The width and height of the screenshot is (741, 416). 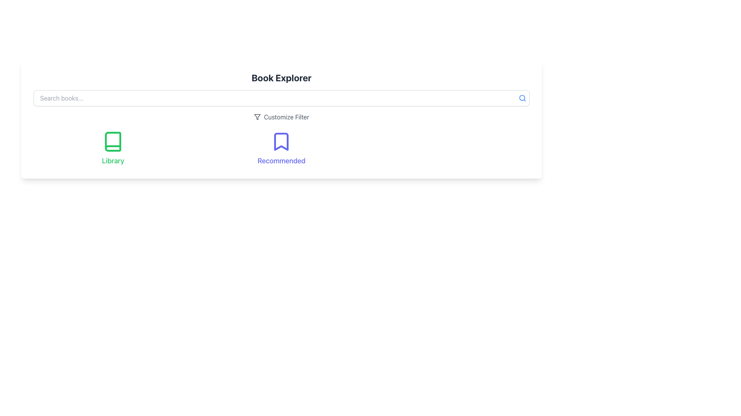 I want to click on the 'Customize Filter' button surrounding the inverted triangle filter icon, so click(x=257, y=117).